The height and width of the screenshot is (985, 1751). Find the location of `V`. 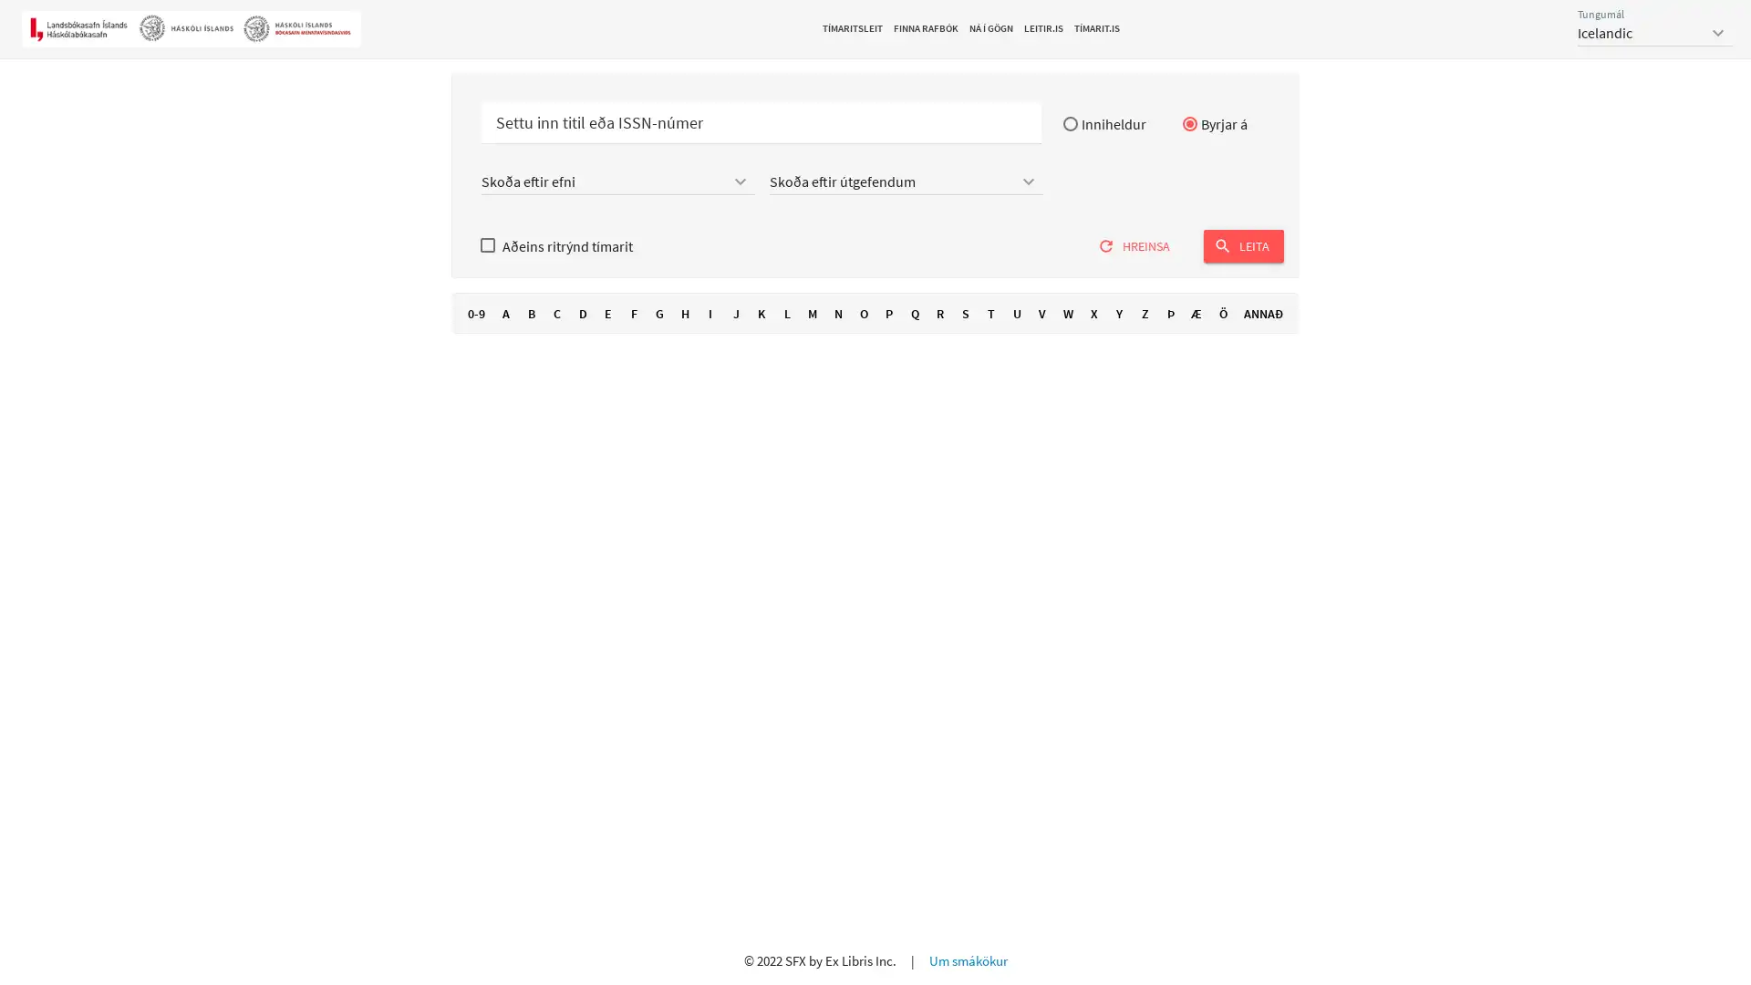

V is located at coordinates (1041, 312).